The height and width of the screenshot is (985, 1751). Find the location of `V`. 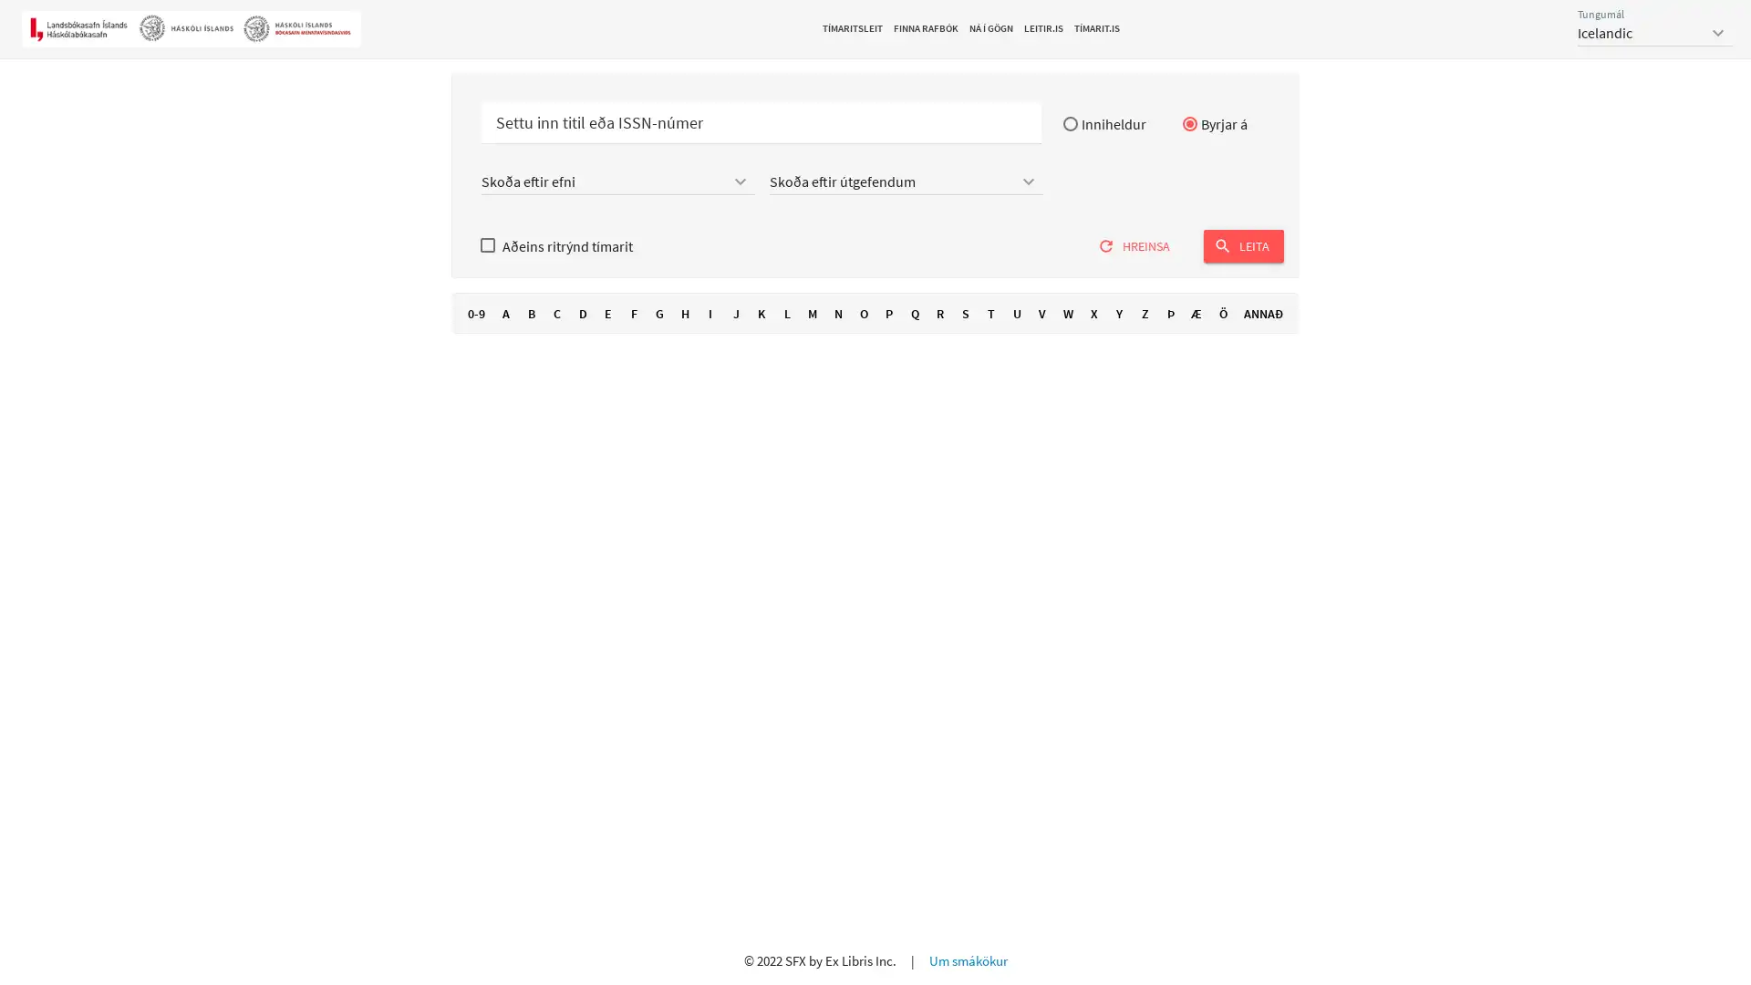

V is located at coordinates (1041, 312).